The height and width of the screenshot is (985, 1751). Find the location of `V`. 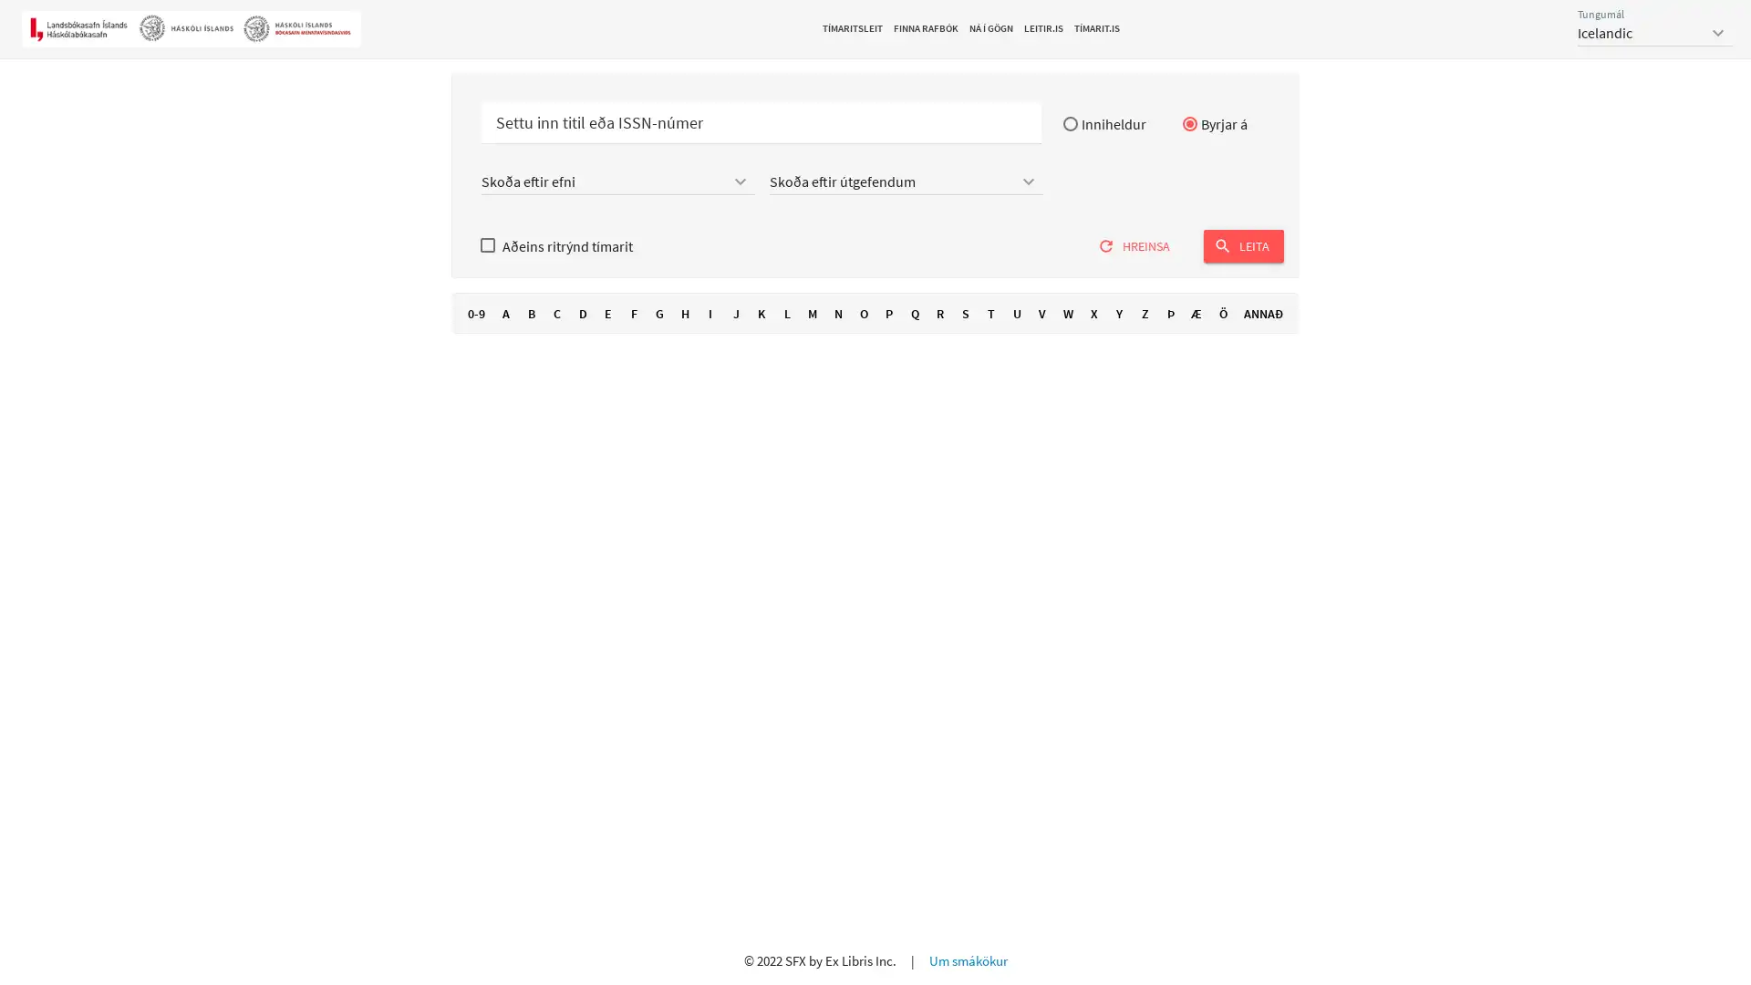

V is located at coordinates (1041, 312).